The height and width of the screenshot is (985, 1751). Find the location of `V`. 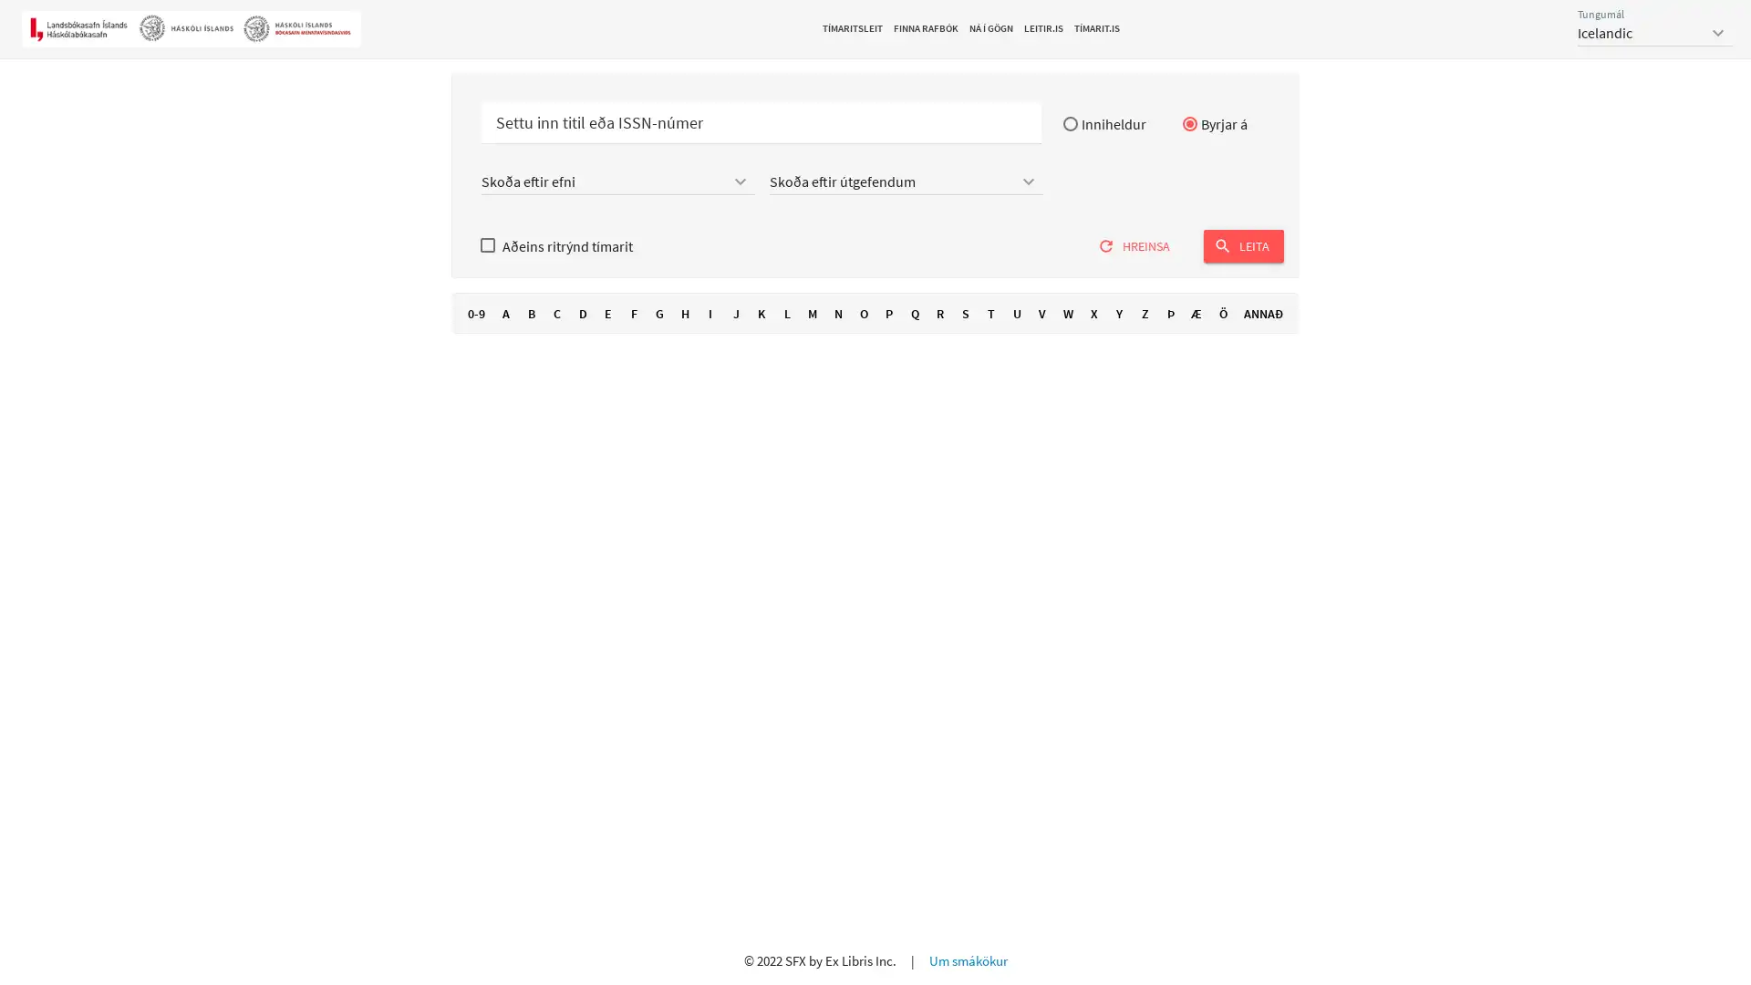

V is located at coordinates (1041, 312).